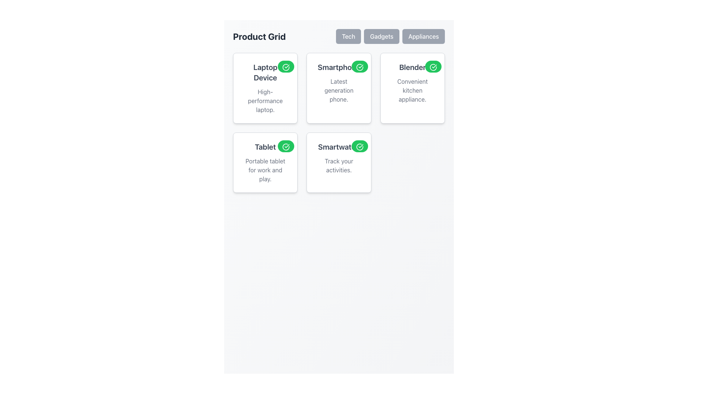 The image size is (716, 402). What do you see at coordinates (381, 36) in the screenshot?
I see `the 'Gadgets' button, which is the second button in a group of three` at bounding box center [381, 36].